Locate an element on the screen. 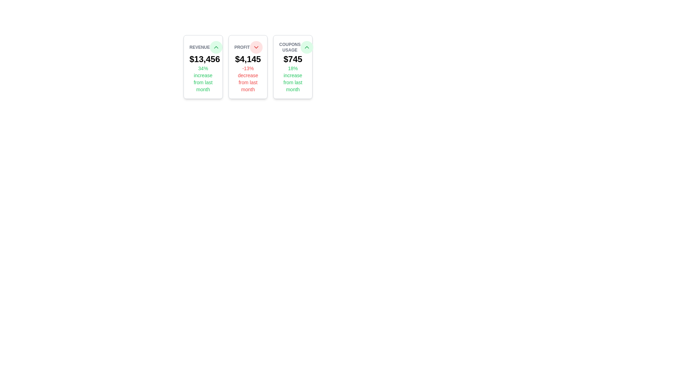  the visual indicator icon with a circular green background and a white upward-pointing chevron, located in the 'Revenue' section at the upper right corner relative to the 'Revenue' label is located at coordinates (216, 47).